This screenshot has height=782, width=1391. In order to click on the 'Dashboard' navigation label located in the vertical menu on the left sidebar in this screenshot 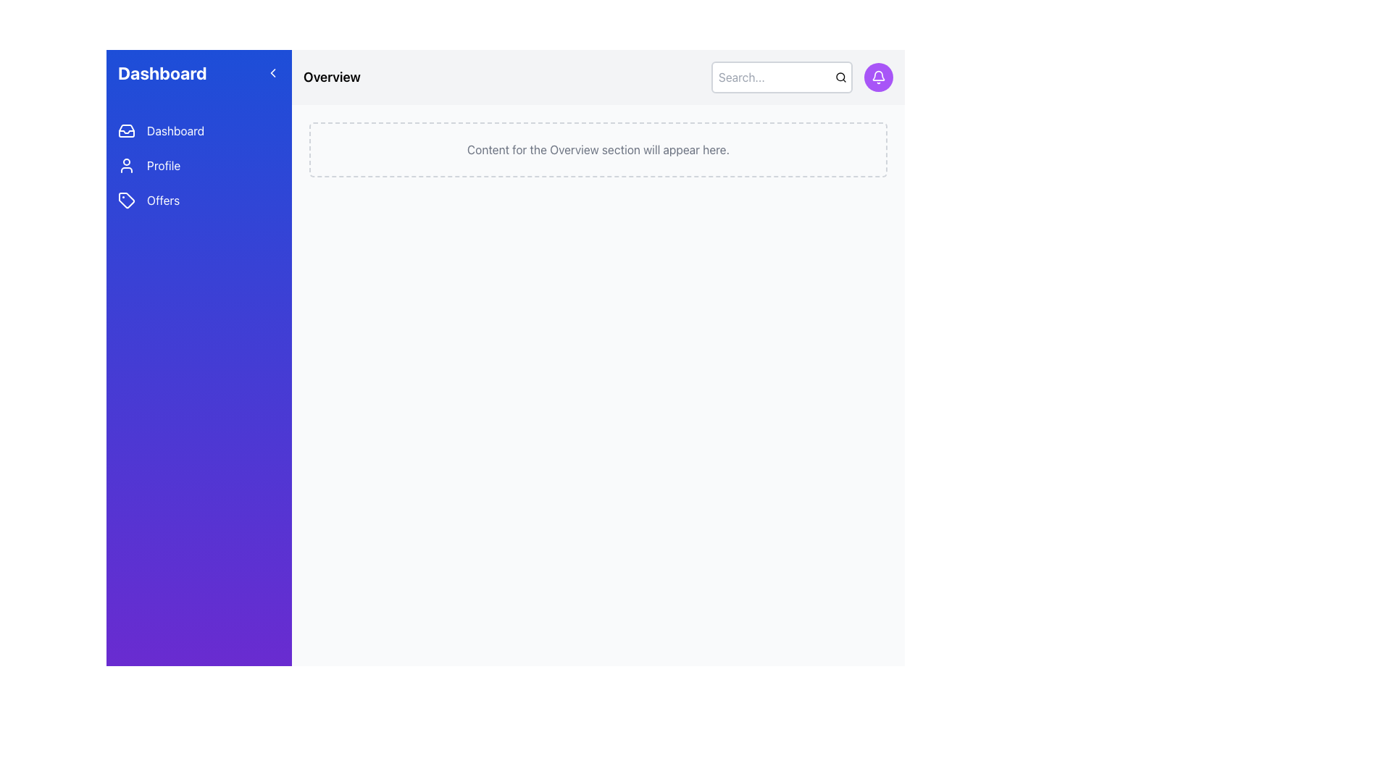, I will do `click(175, 131)`.